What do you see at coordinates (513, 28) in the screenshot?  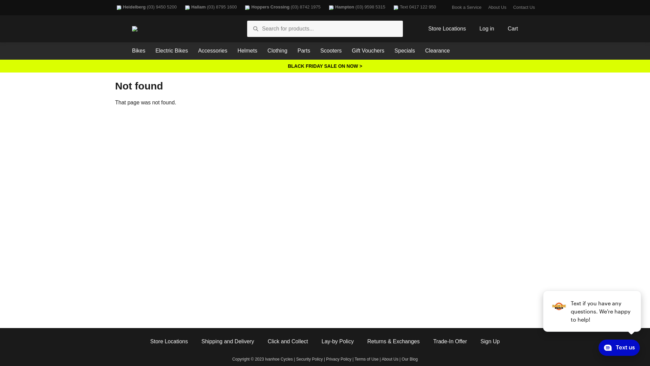 I see `'Cart'` at bounding box center [513, 28].